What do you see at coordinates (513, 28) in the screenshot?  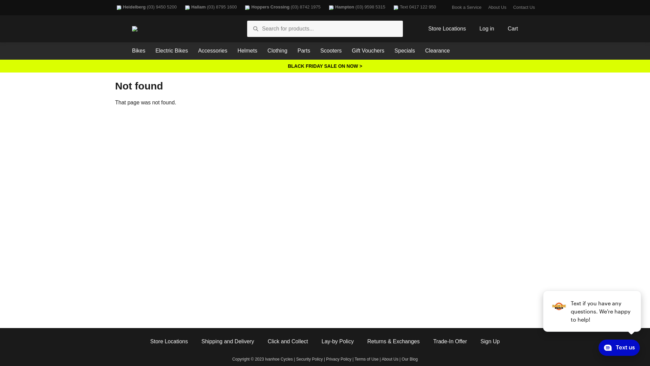 I see `'Cart'` at bounding box center [513, 28].